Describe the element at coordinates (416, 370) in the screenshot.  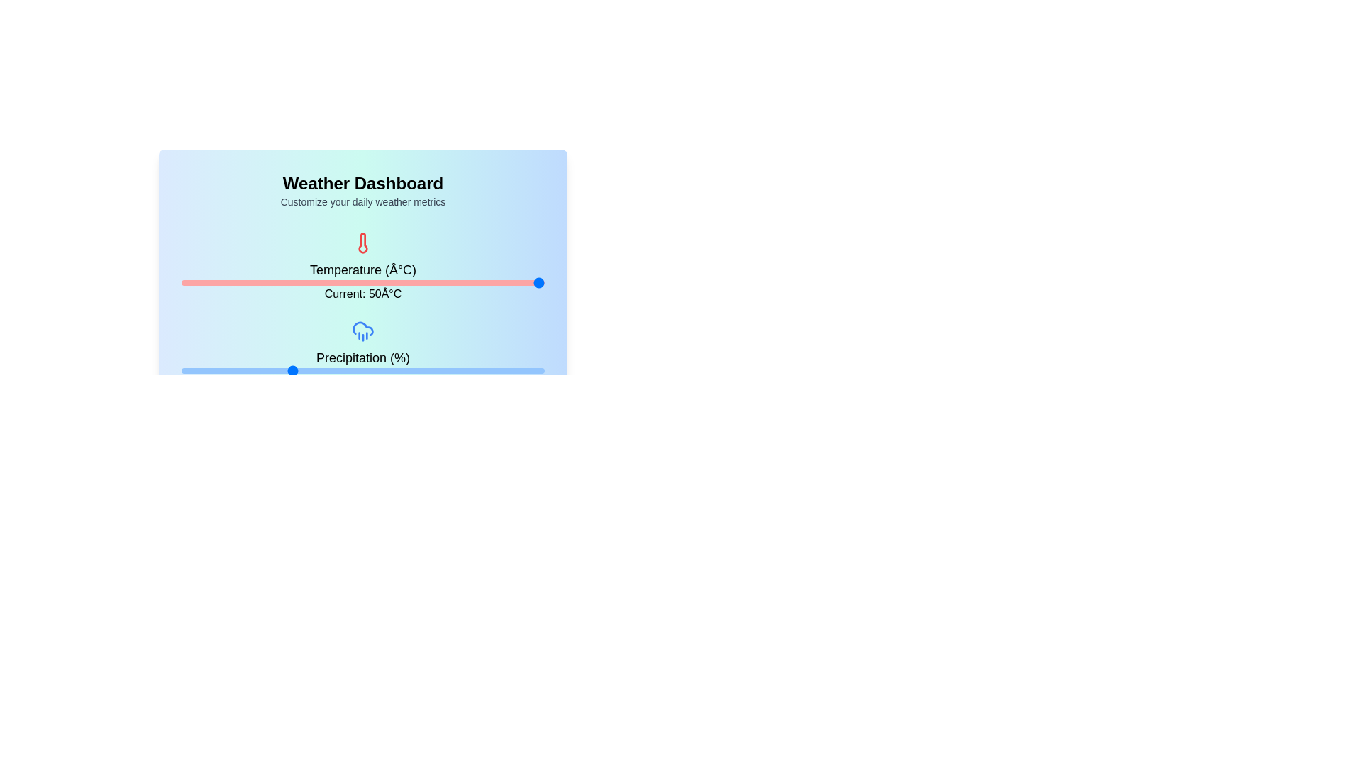
I see `the precipitation level` at that location.